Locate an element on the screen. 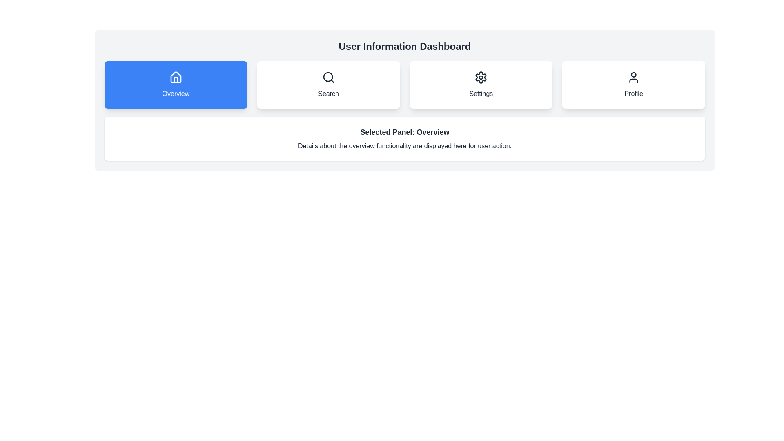 This screenshot has height=441, width=784. the 'Overview' button containing the House icon is located at coordinates (175, 77).